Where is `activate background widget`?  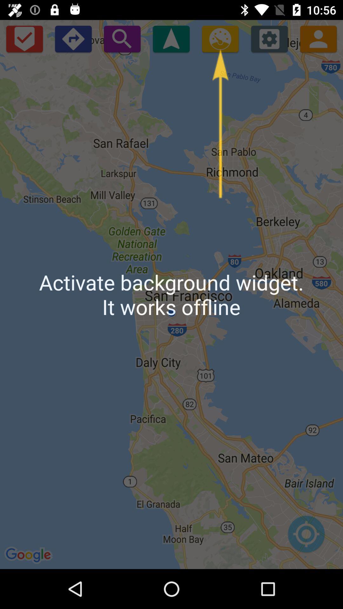 activate background widget is located at coordinates (220, 38).